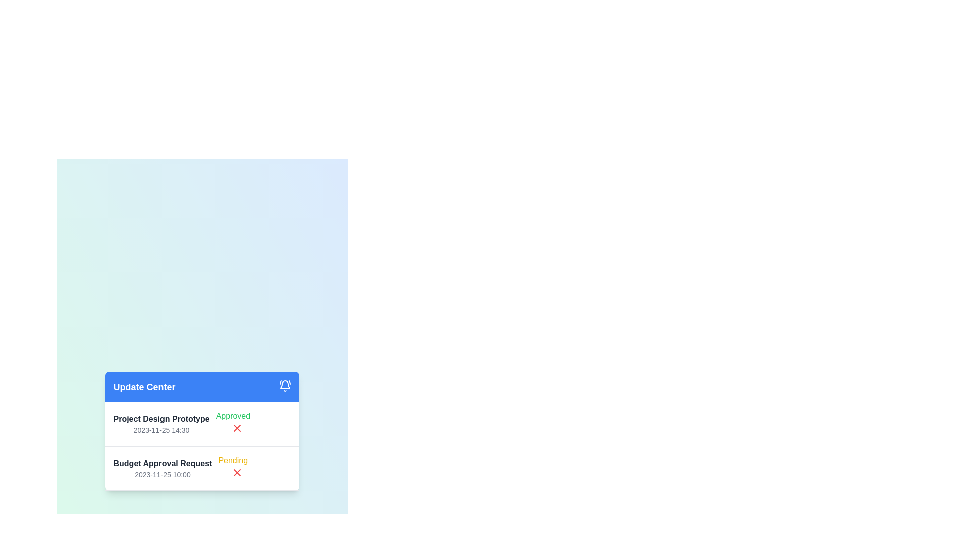 The height and width of the screenshot is (545, 969). What do you see at coordinates (236, 428) in the screenshot?
I see `the close button located immediately to the right of the 'Approved' green text` at bounding box center [236, 428].